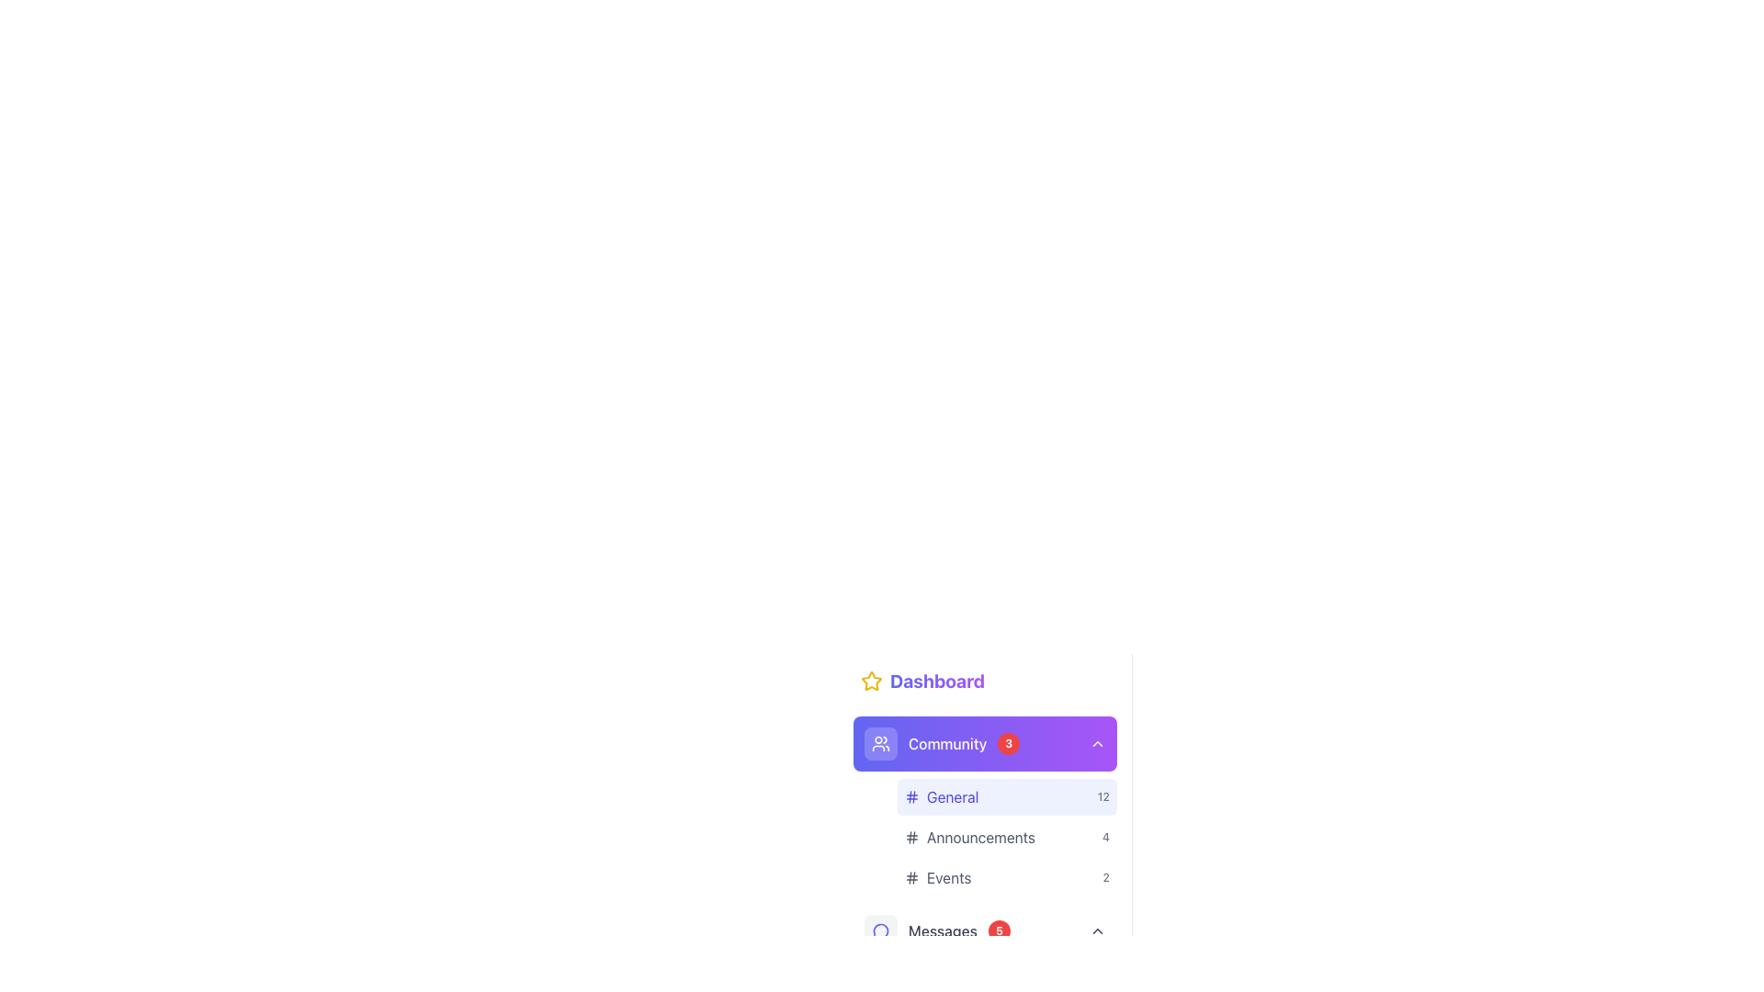  I want to click on the community icon, which is a white icon resembling a group of people on a purple rounded background, located in the sidebar menu under the 'Community' section, so click(880, 744).